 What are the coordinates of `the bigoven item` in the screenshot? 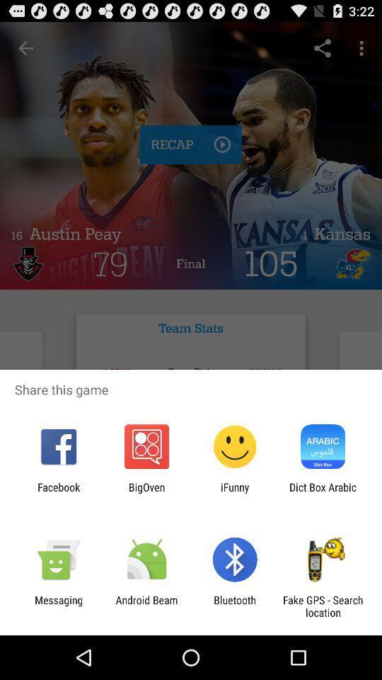 It's located at (146, 493).